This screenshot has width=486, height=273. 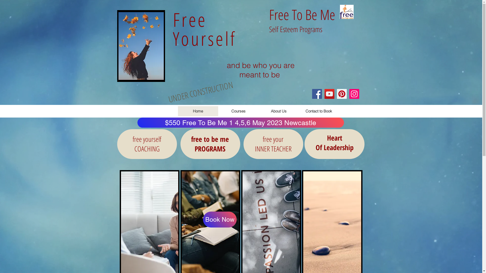 I want to click on 'Book Now', so click(x=220, y=219).